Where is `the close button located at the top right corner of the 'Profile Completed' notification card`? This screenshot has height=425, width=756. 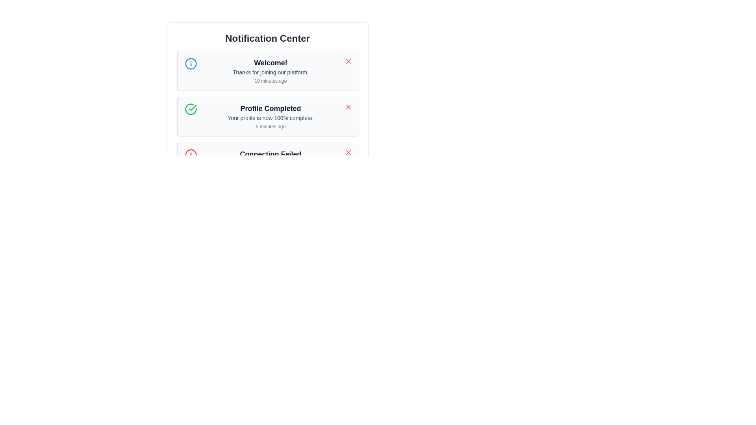
the close button located at the top right corner of the 'Profile Completed' notification card is located at coordinates (348, 107).